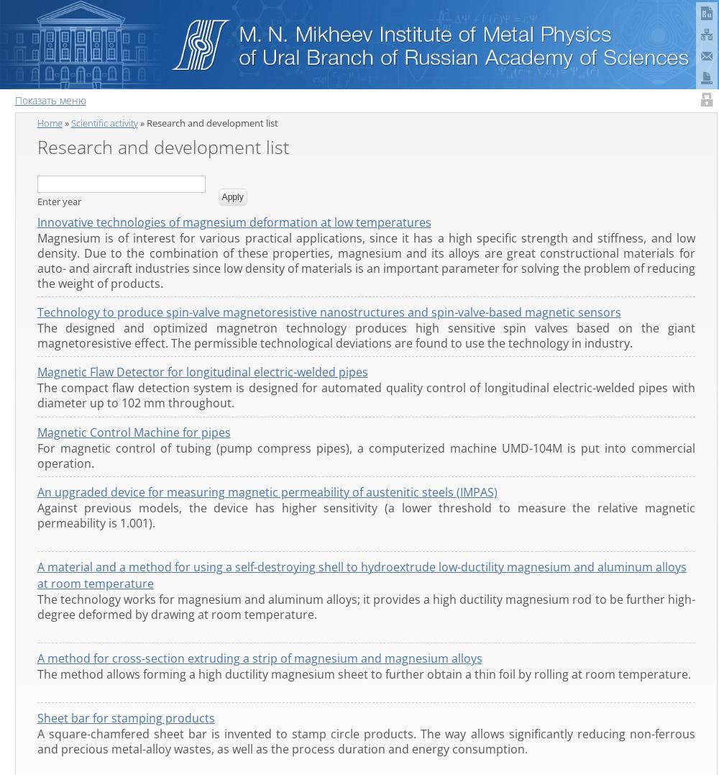 The image size is (719, 775). Describe the element at coordinates (125, 717) in the screenshot. I see `'Sheet bar for stamping products'` at that location.